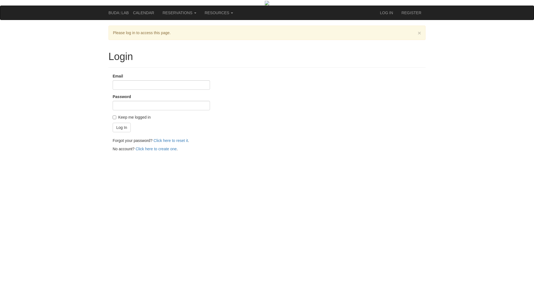 The width and height of the screenshot is (534, 300). I want to click on 'RESERVATIONS', so click(158, 12).